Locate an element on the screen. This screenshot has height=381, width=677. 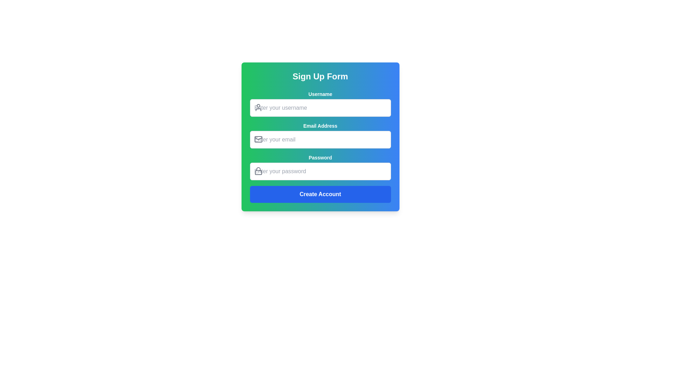
the main rectangular component of the envelope icon, which is located to the left of the 'Email Address' input field in the registration form is located at coordinates (258, 139).